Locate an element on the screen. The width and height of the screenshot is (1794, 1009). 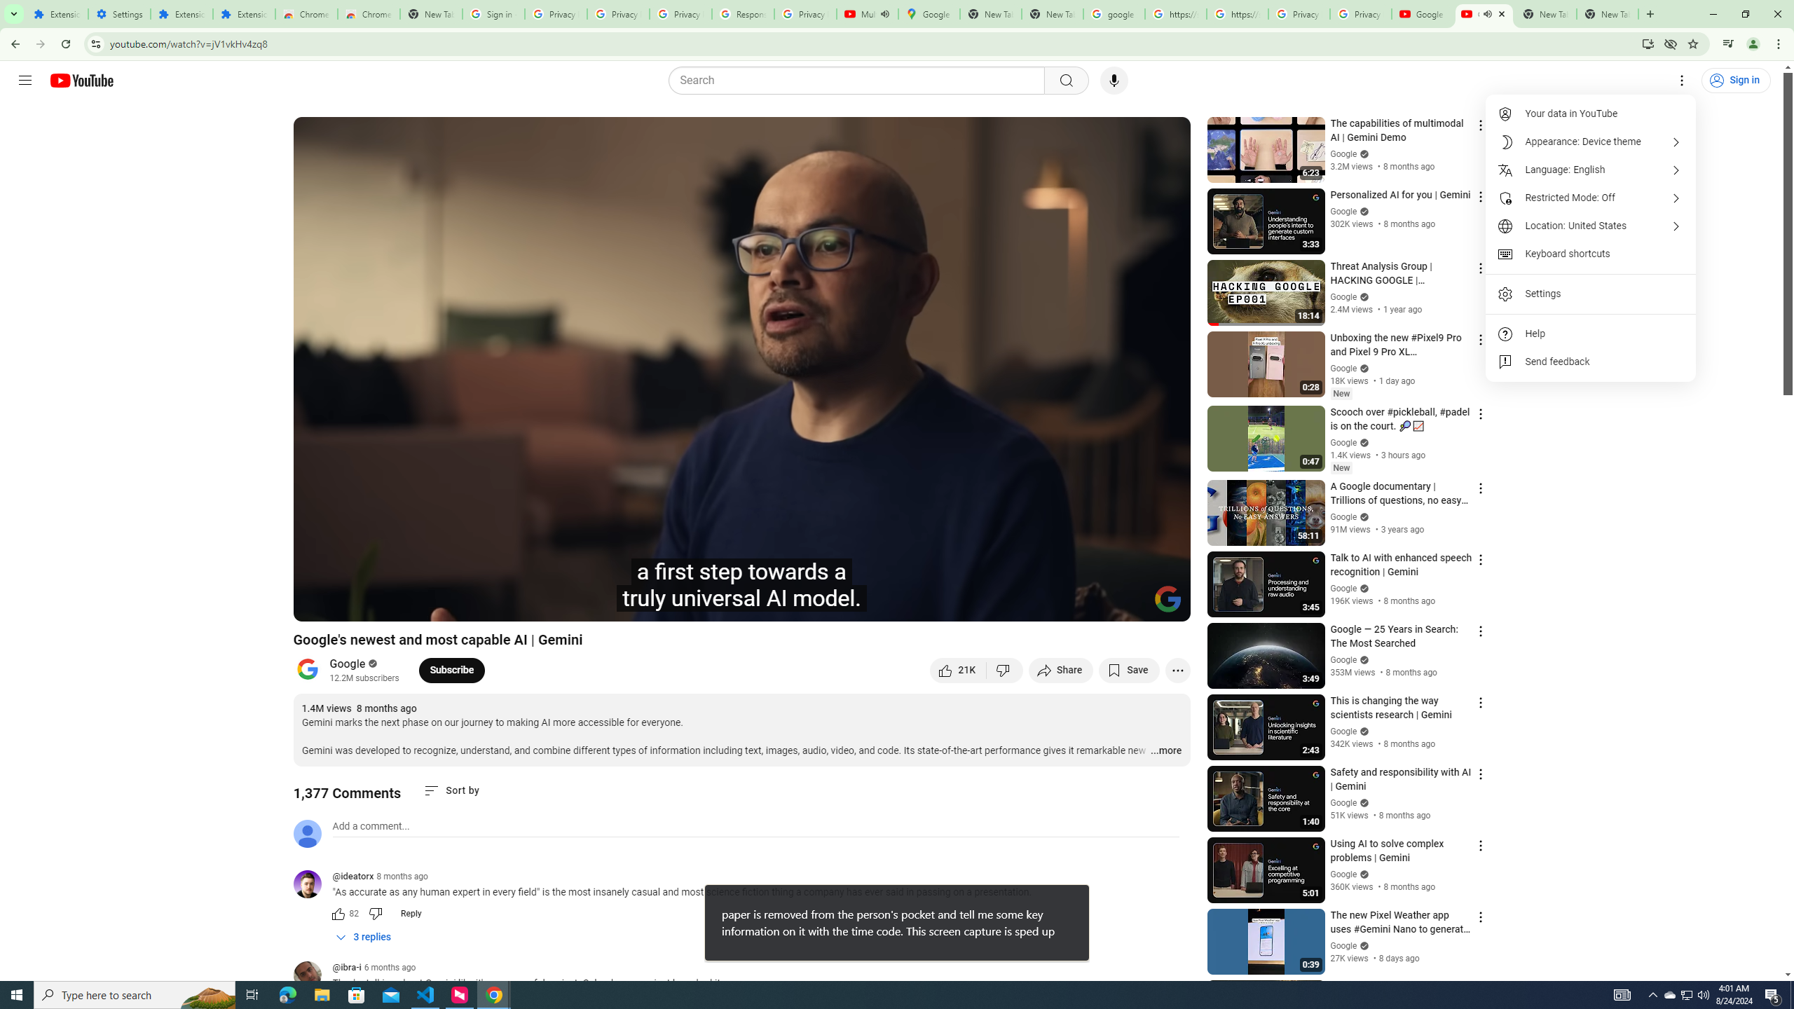
'Language: English' is located at coordinates (1591, 170).